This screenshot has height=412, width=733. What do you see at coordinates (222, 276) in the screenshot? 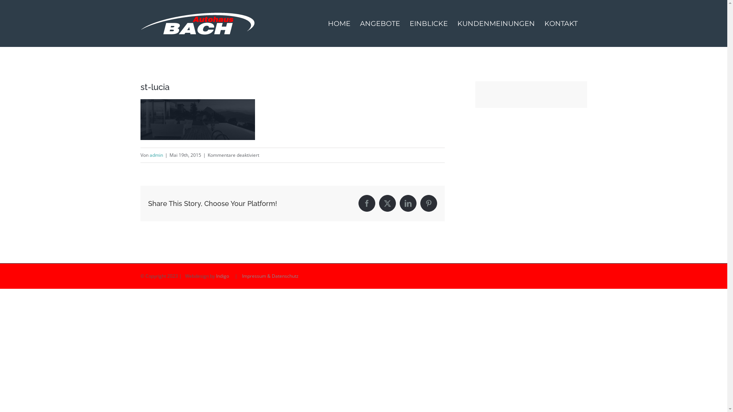
I see `'Indigo'` at bounding box center [222, 276].